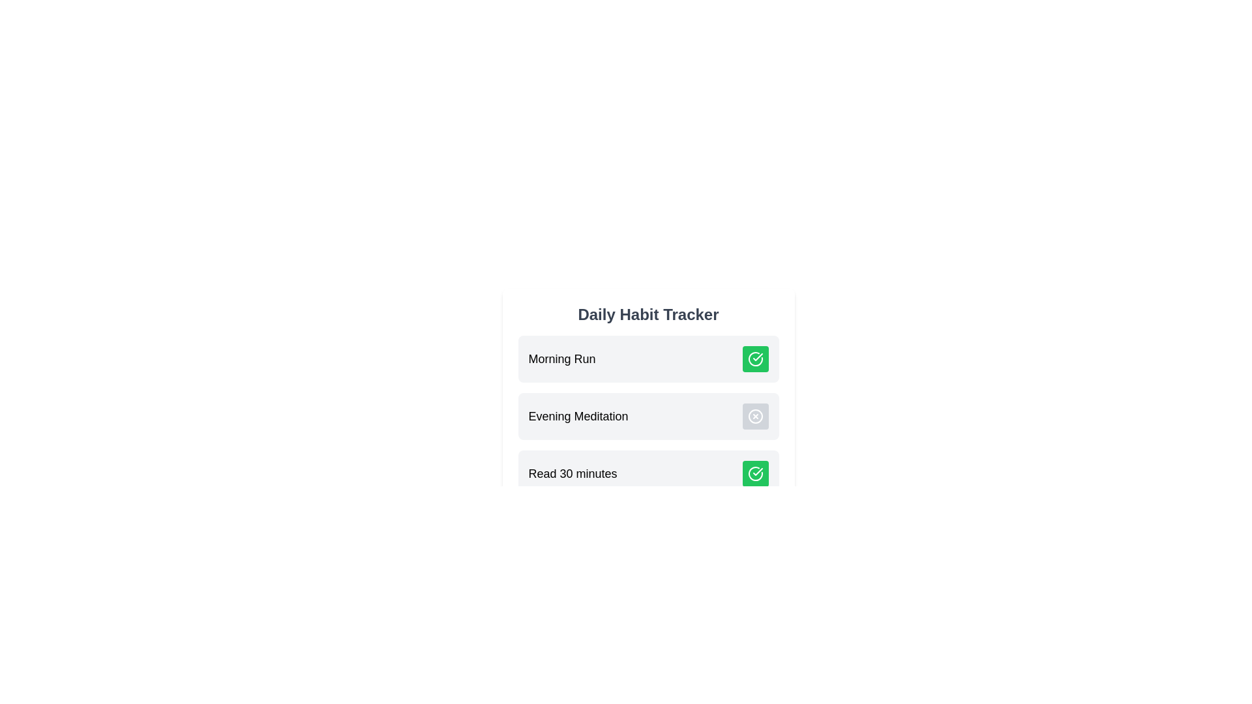 The width and height of the screenshot is (1252, 704). I want to click on the 'Morning Run' text label, which serves as a title in the 'Daily Habit Tracker' section, positioned to the left of a green circular button with a checkmark icon, so click(562, 359).